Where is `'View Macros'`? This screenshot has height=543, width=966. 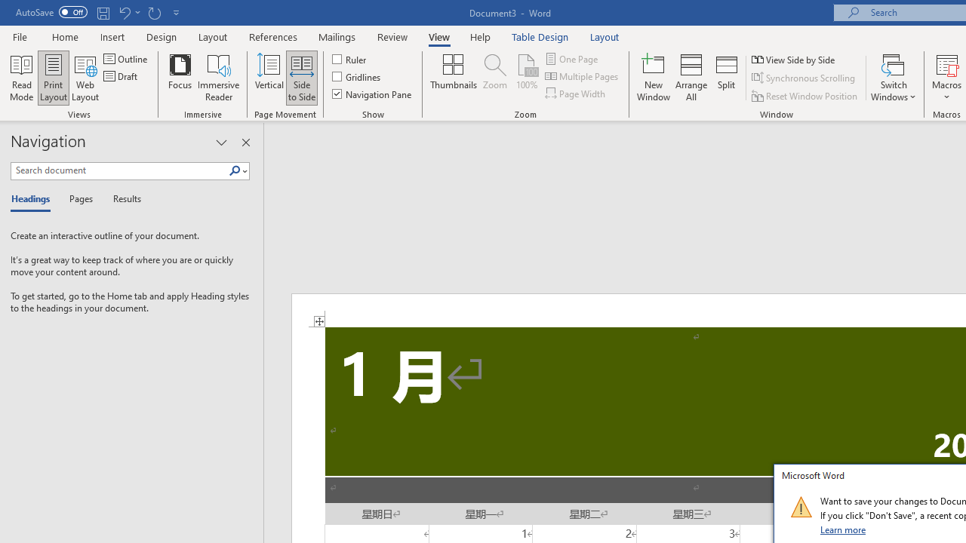 'View Macros' is located at coordinates (946, 63).